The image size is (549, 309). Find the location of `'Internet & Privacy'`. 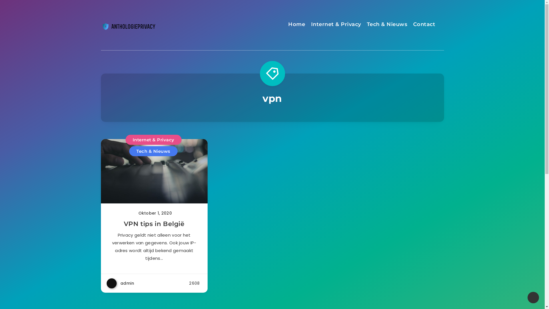

'Internet & Privacy' is located at coordinates (336, 25).